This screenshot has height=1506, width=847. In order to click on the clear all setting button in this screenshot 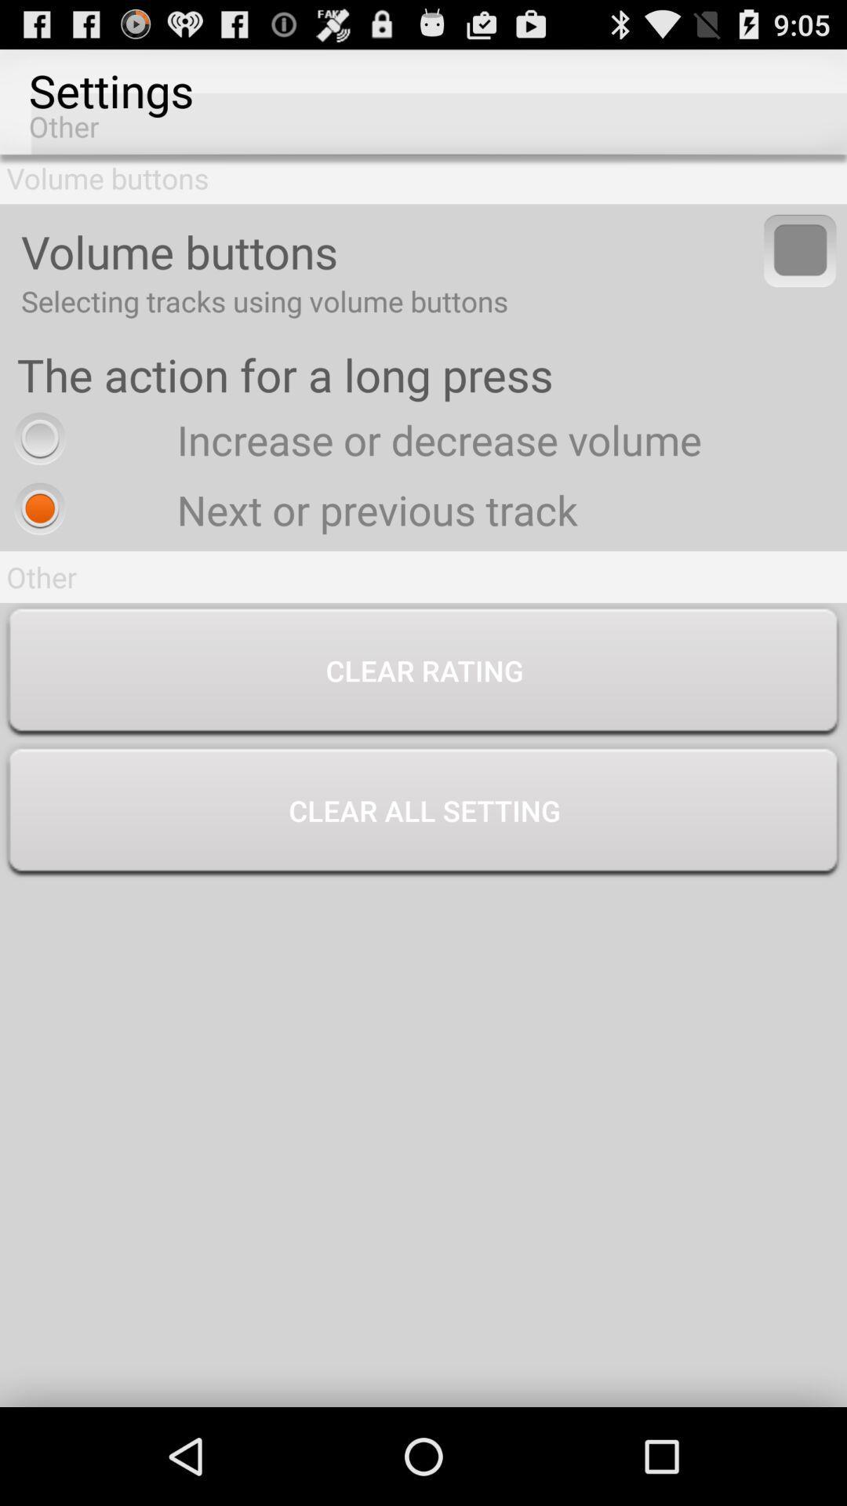, I will do `click(423, 813)`.